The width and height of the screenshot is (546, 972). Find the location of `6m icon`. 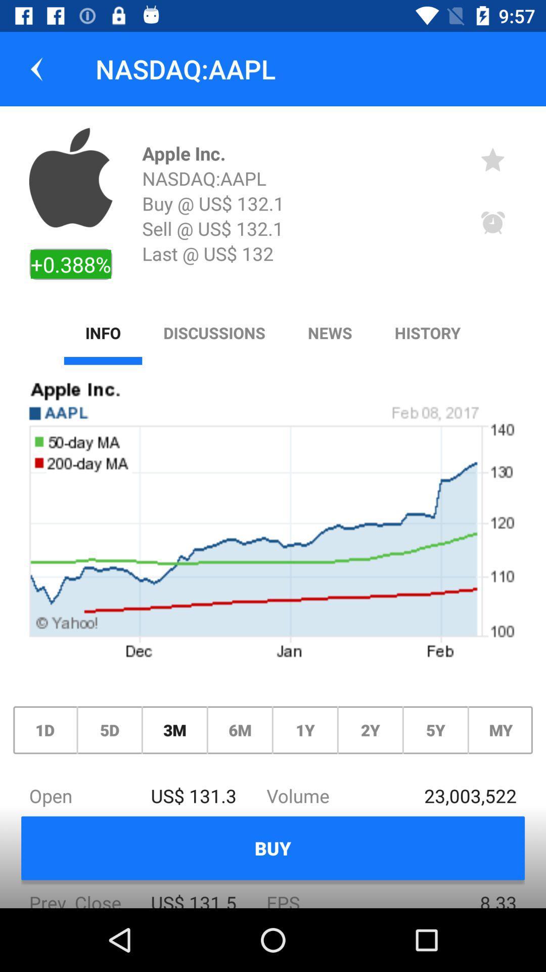

6m icon is located at coordinates (240, 730).